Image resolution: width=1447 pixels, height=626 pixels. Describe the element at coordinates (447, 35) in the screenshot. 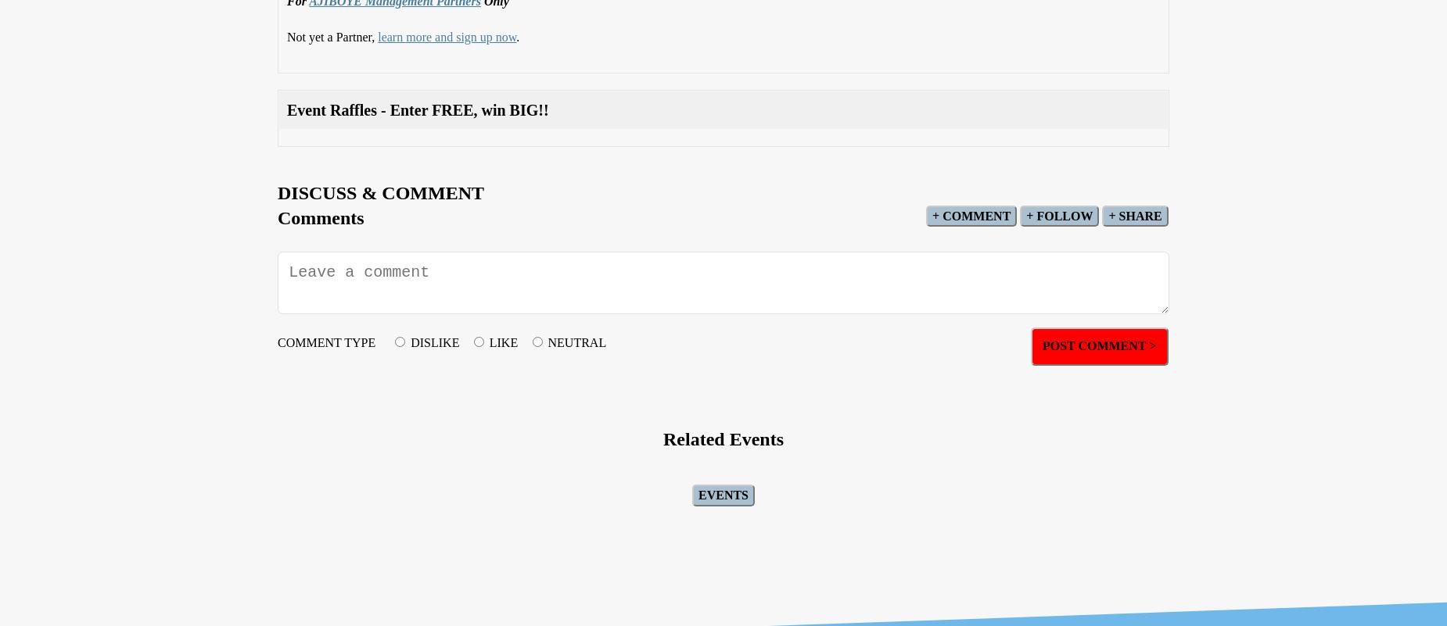

I see `'learn more and sign up now'` at that location.